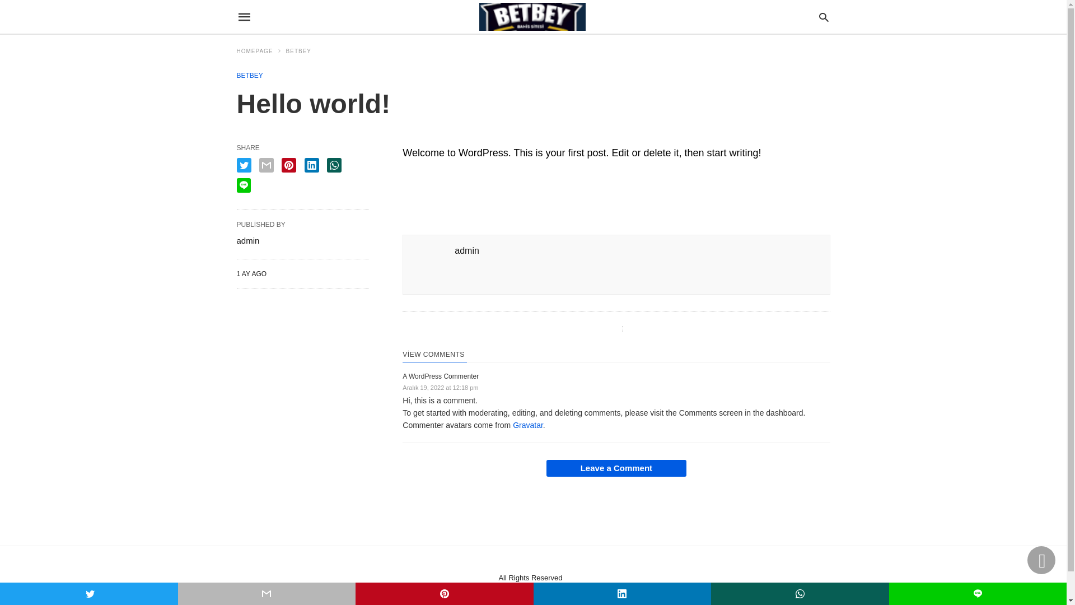 This screenshot has height=605, width=1075. Describe the element at coordinates (242, 185) in the screenshot. I see `'line share'` at that location.